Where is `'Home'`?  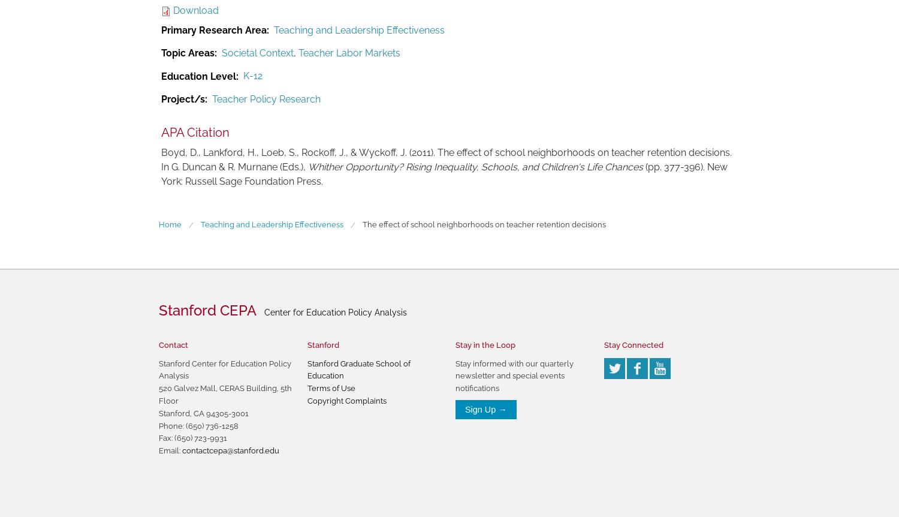
'Home' is located at coordinates (170, 223).